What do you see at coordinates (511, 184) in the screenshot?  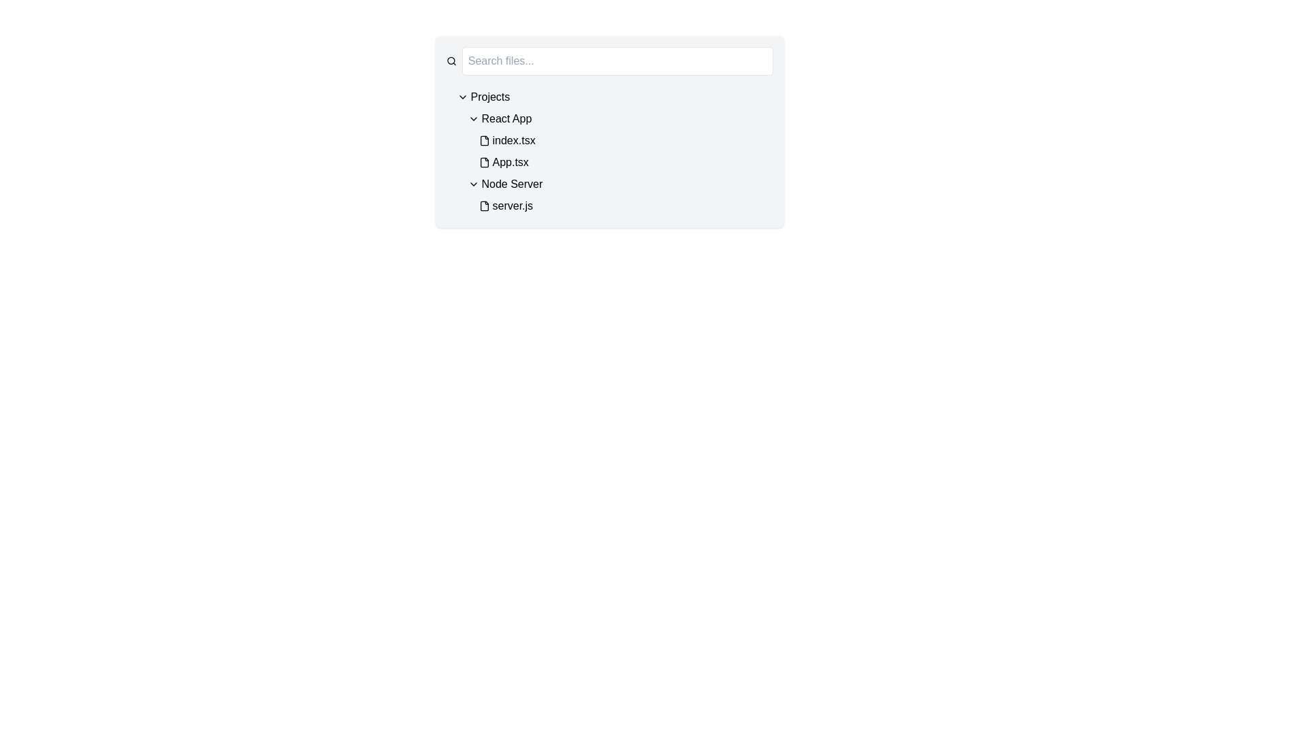 I see `the 'Node Server' text label in the File Tree` at bounding box center [511, 184].